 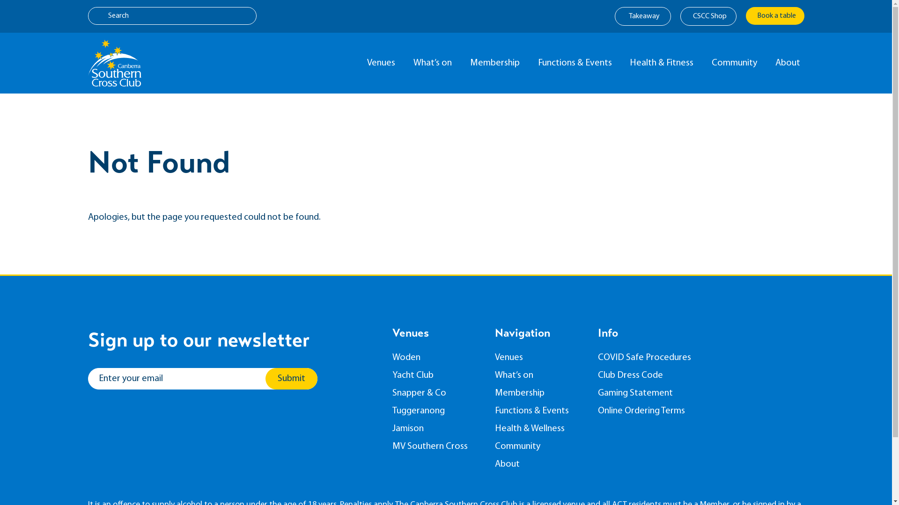 I want to click on 'Health & Wellness', so click(x=539, y=429).